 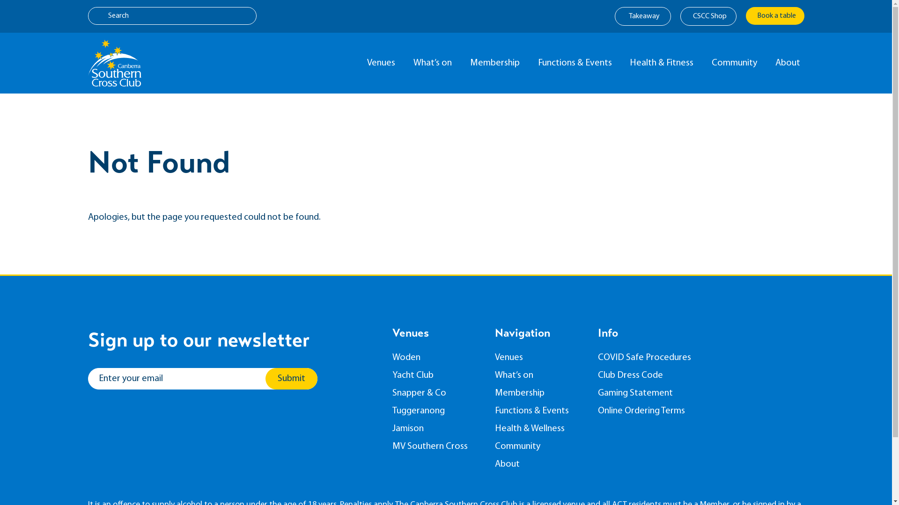 I want to click on 'Health & Wellness', so click(x=539, y=429).